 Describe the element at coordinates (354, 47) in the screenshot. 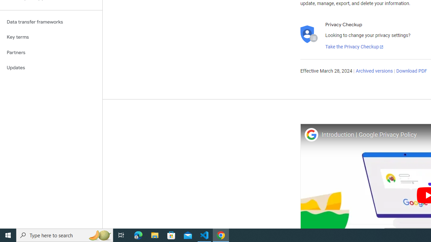

I see `'Take the Privacy Checkup'` at that location.